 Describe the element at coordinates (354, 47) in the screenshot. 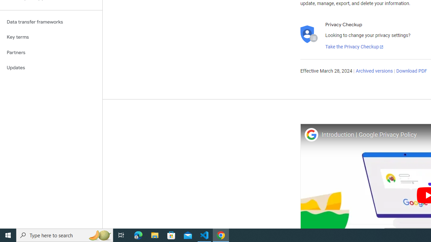

I see `'Take the Privacy Checkup'` at that location.